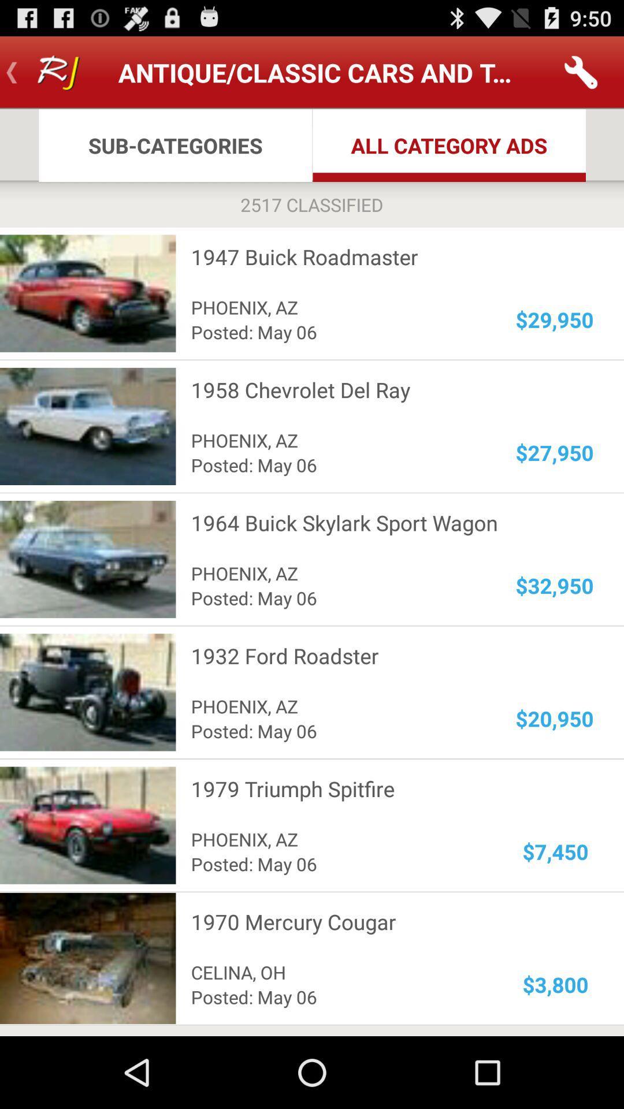 This screenshot has height=1109, width=624. What do you see at coordinates (339, 972) in the screenshot?
I see `celina, oh icon` at bounding box center [339, 972].